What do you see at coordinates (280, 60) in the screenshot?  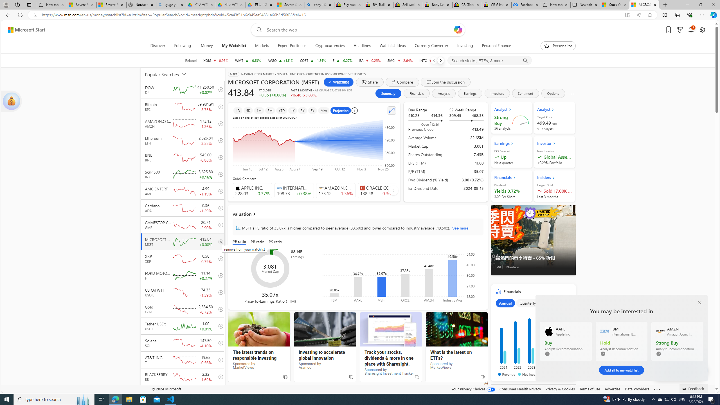 I see `'AVGO Broadcom Inc. increase 161.39 +1.77 +1.11%'` at bounding box center [280, 60].